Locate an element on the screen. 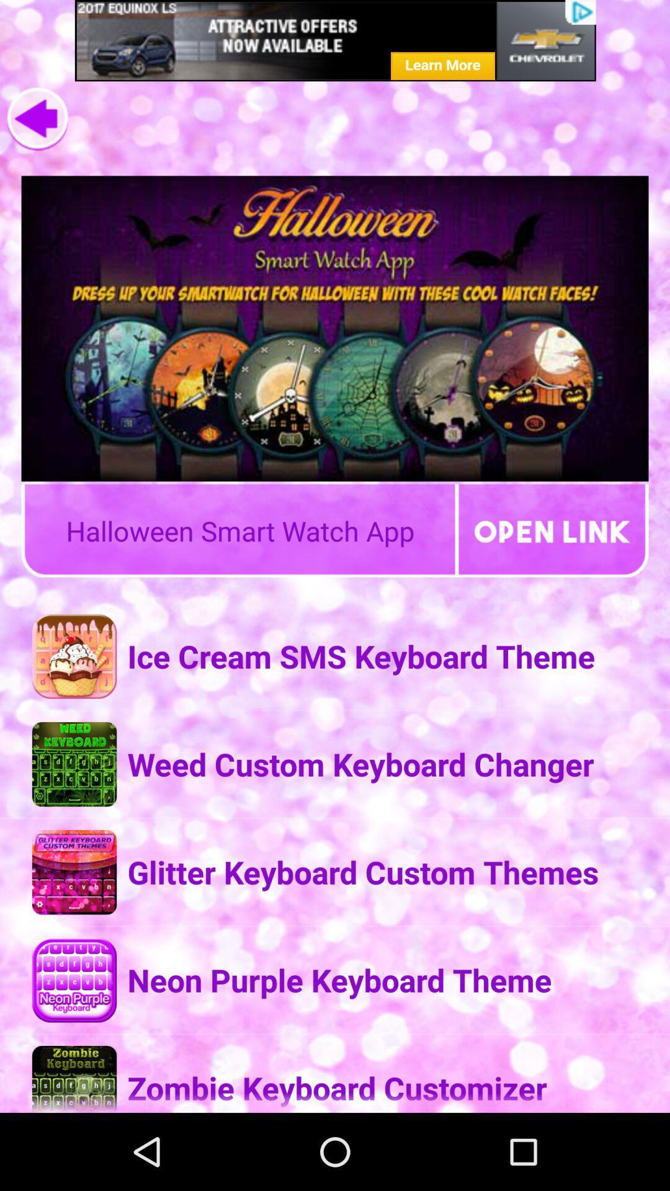 The height and width of the screenshot is (1191, 670). go back is located at coordinates (37, 119).